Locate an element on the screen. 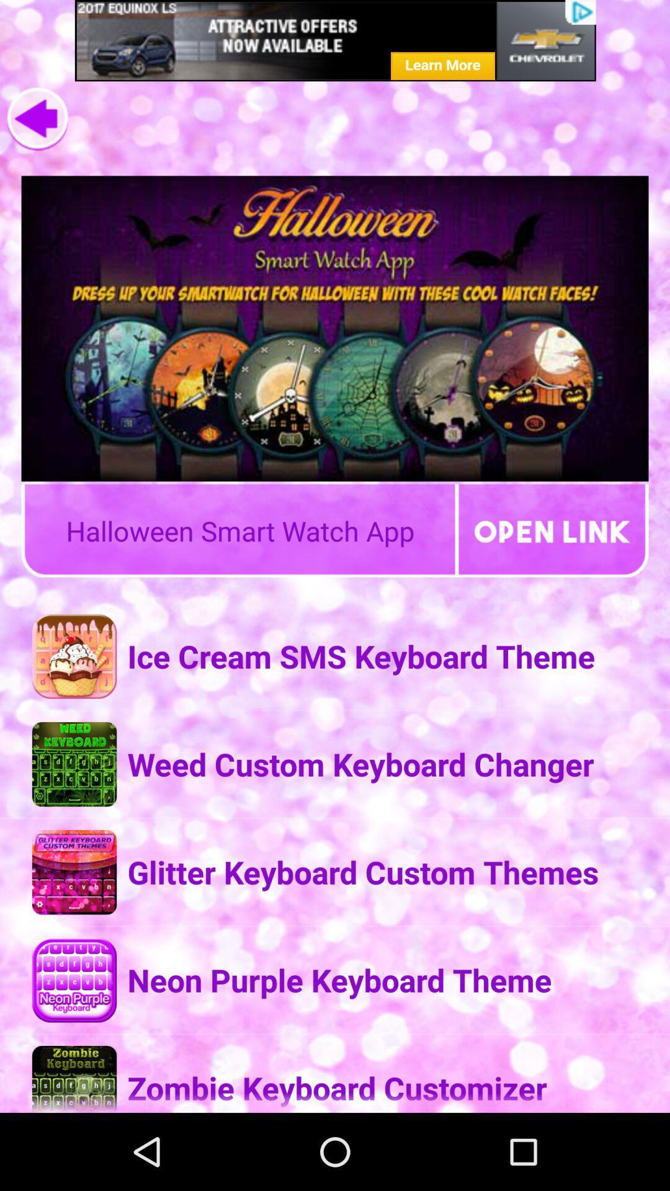 The height and width of the screenshot is (1191, 670). go back is located at coordinates (37, 119).